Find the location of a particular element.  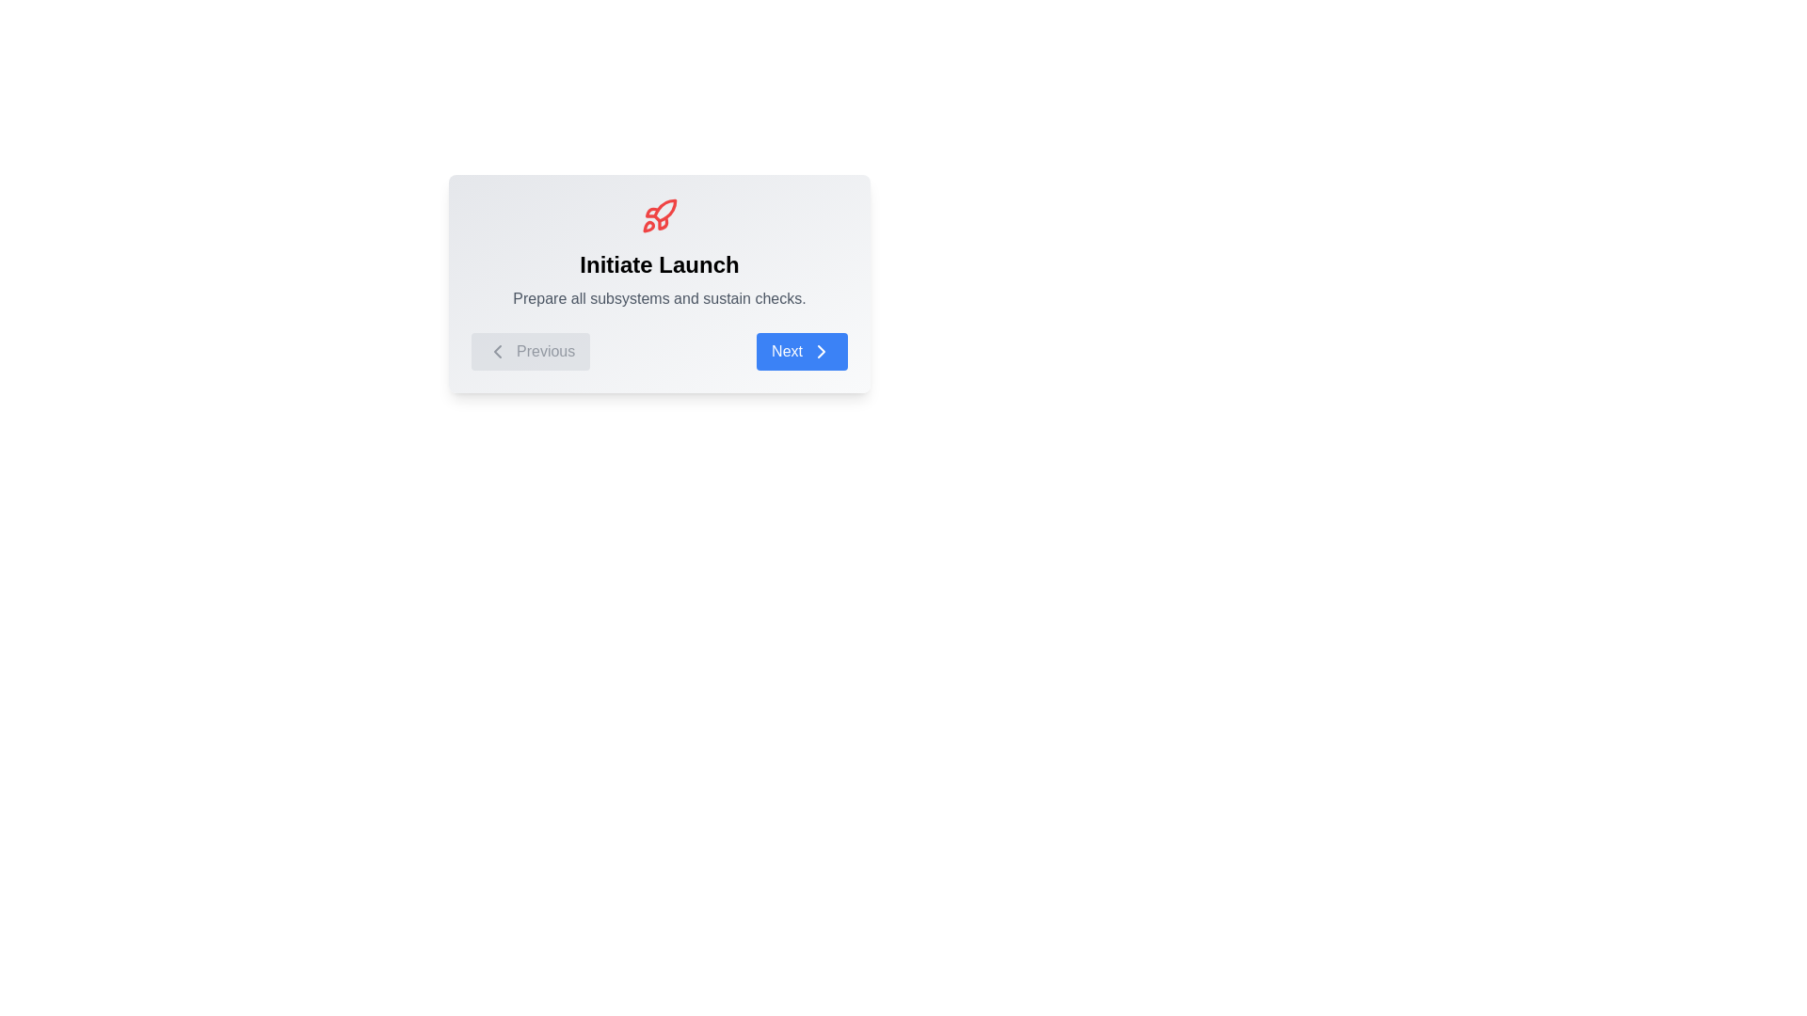

the Previous button to navigate is located at coordinates (530, 352).